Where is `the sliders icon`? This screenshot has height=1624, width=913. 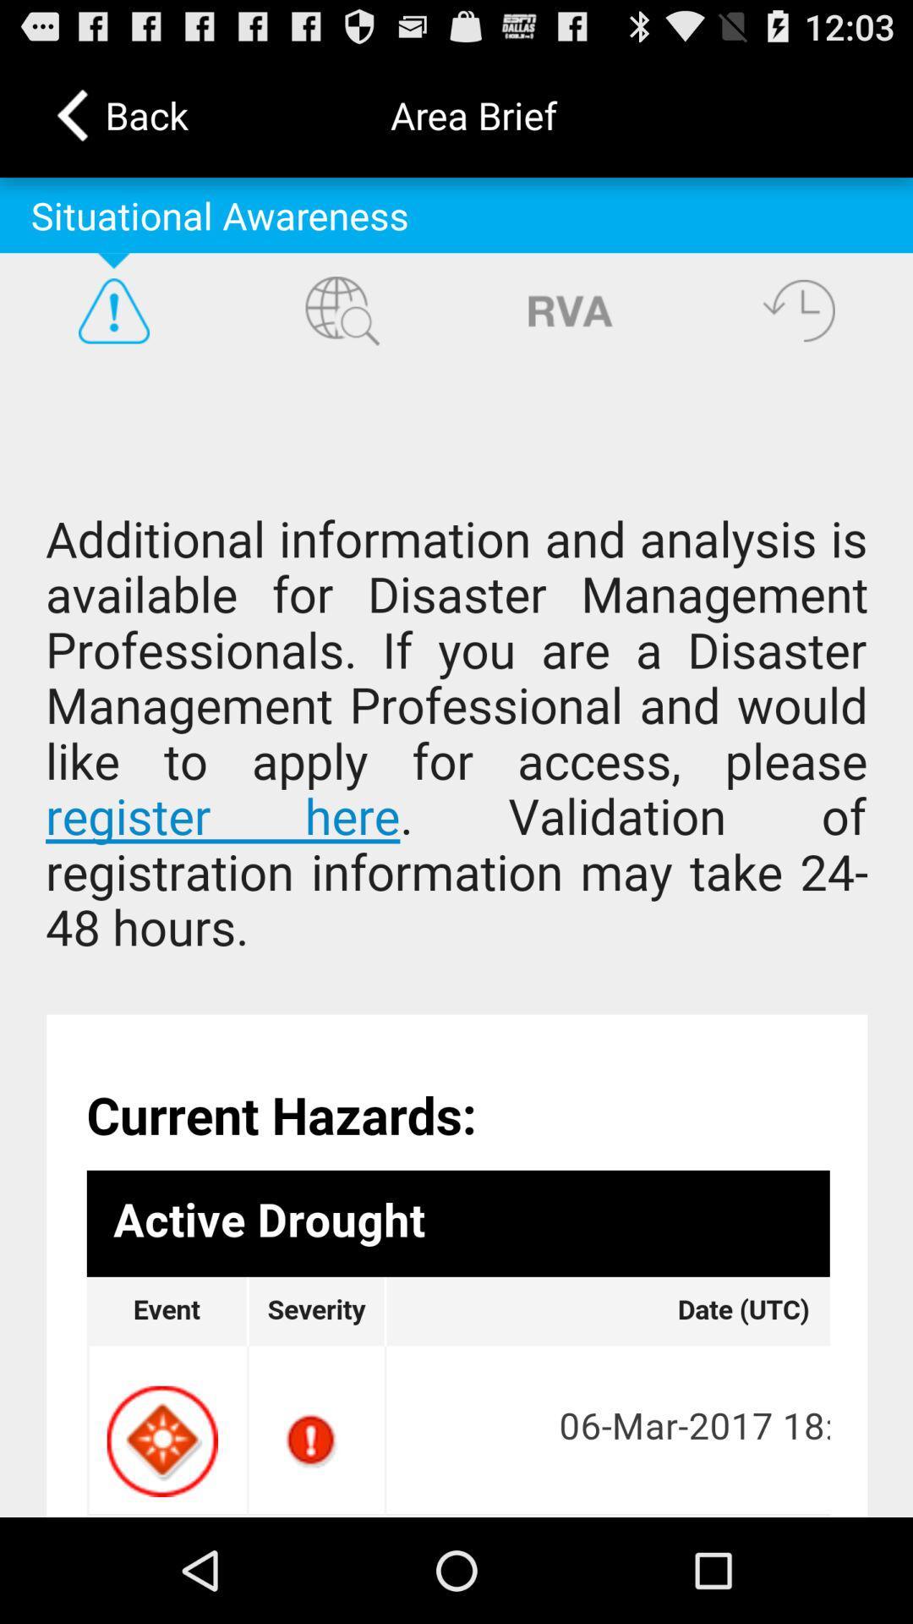
the sliders icon is located at coordinates (571, 332).